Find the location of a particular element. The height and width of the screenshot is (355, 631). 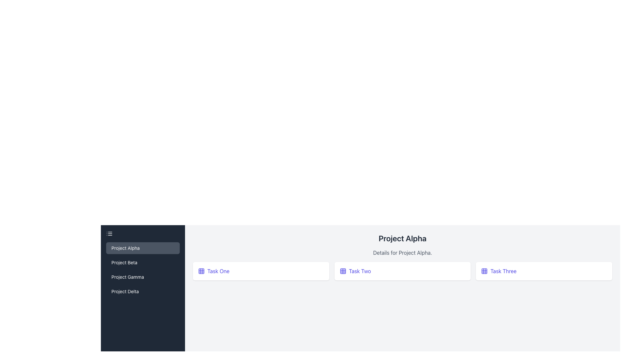

the navigation link for 'Project Alpha' located in the left sidebar menu, positioned above 'Project Beta', 'Project Gamma', and 'Project Delta' is located at coordinates (143, 248).